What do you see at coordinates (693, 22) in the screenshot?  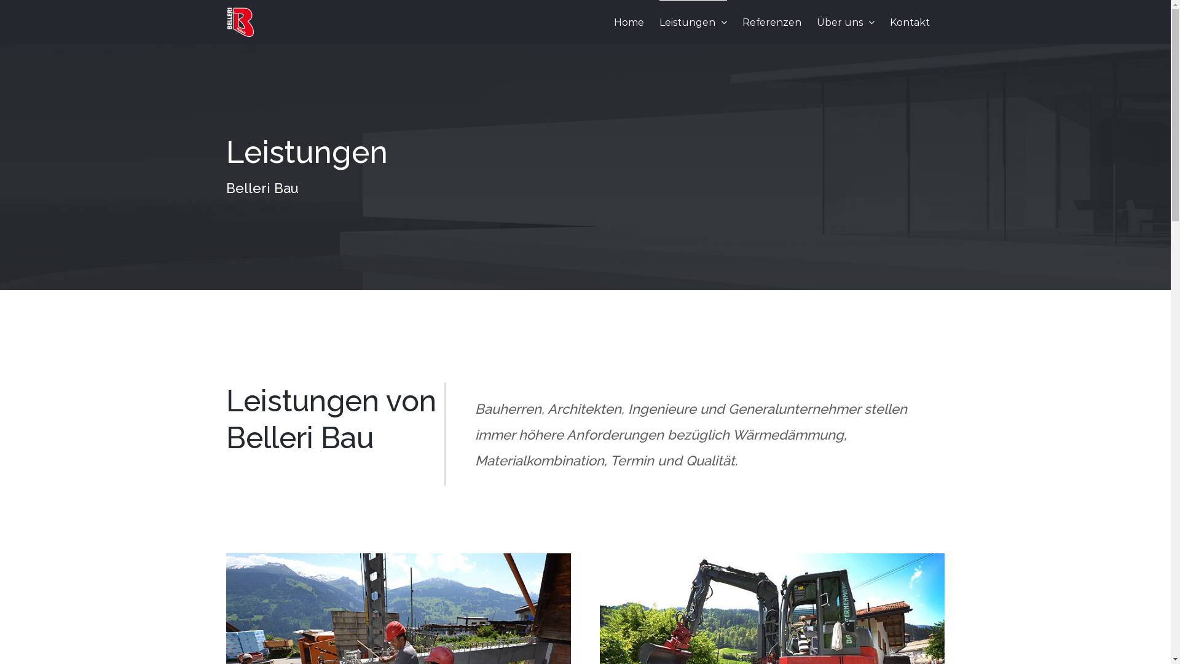 I see `'Leistungen'` at bounding box center [693, 22].